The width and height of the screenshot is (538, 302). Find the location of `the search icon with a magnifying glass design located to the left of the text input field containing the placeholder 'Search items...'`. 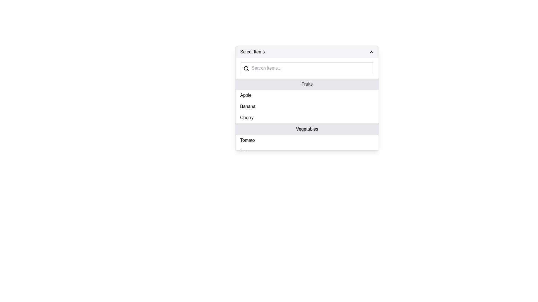

the search icon with a magnifying glass design located to the left of the text input field containing the placeholder 'Search items...' is located at coordinates (246, 68).